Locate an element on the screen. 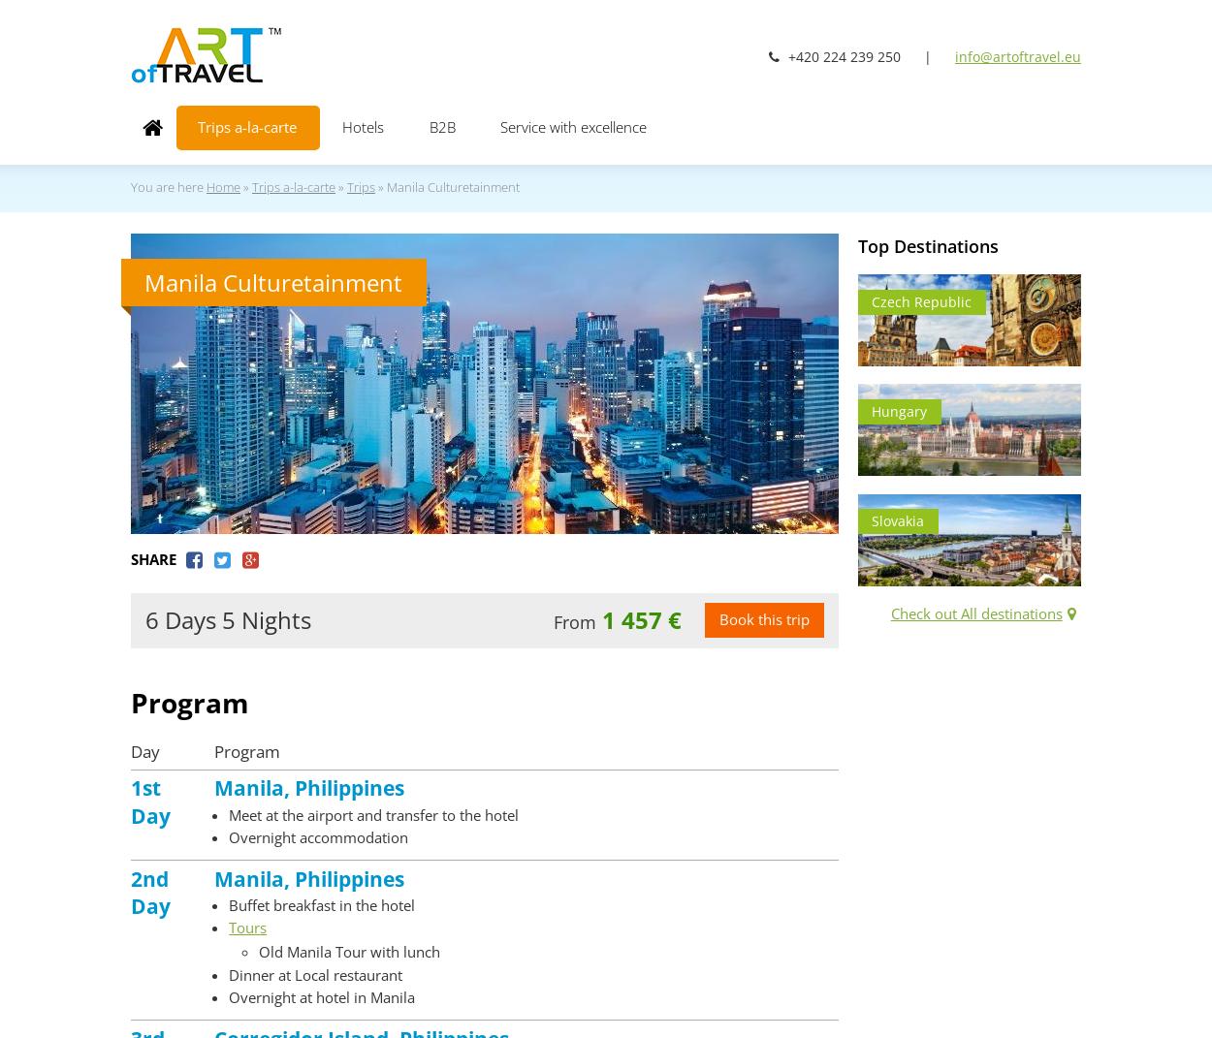 The image size is (1212, 1038). '1 457 €' is located at coordinates (638, 617).